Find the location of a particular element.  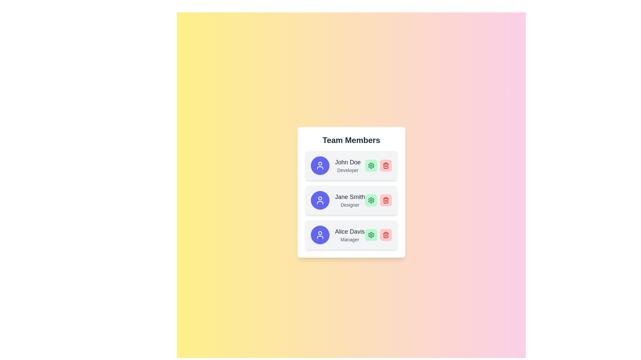

the green circular settings button with a gear icon located to the right of the 'Manager' title in the card for 'Alice Davis' is located at coordinates (371, 235).